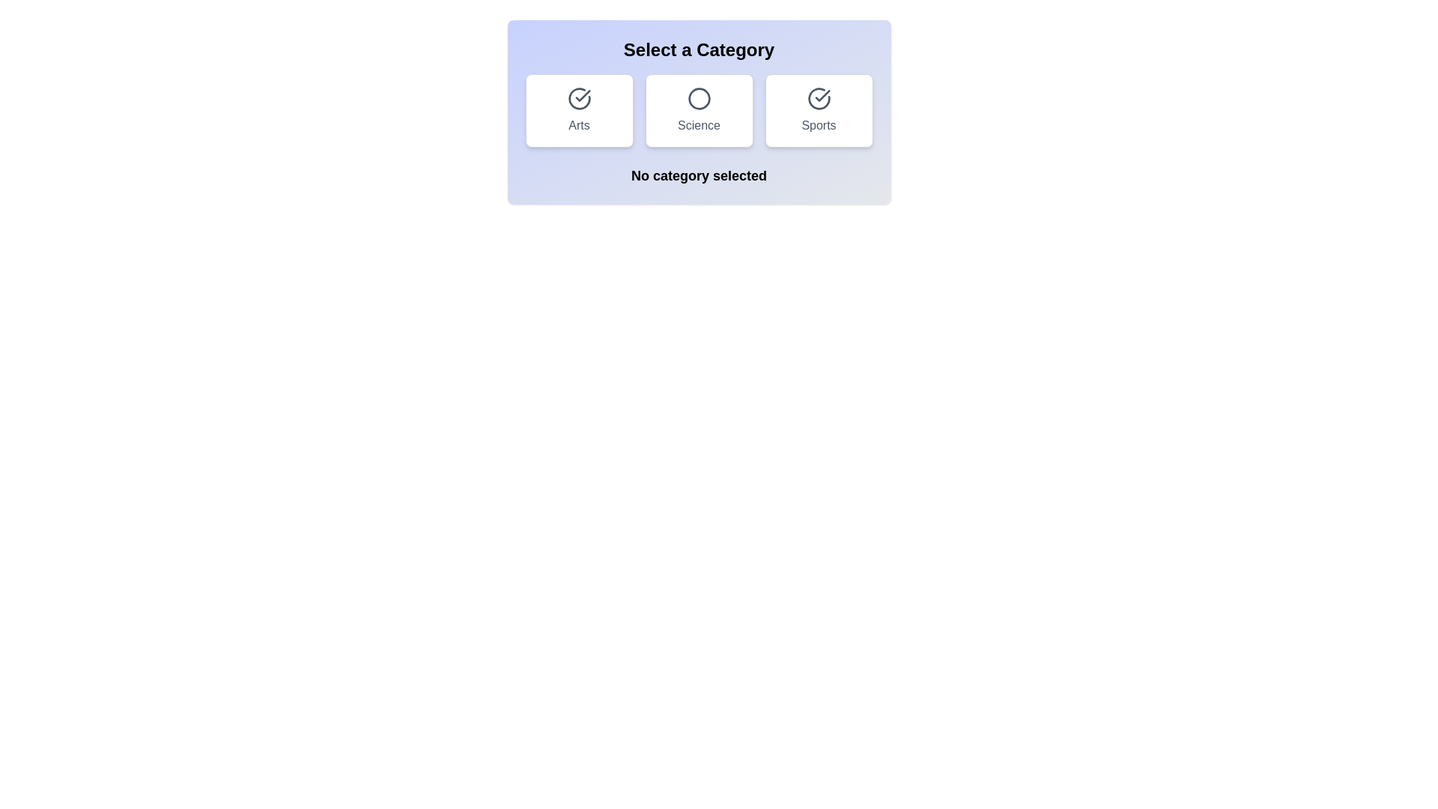  I want to click on the button labeled 'Arts', so click(578, 109).